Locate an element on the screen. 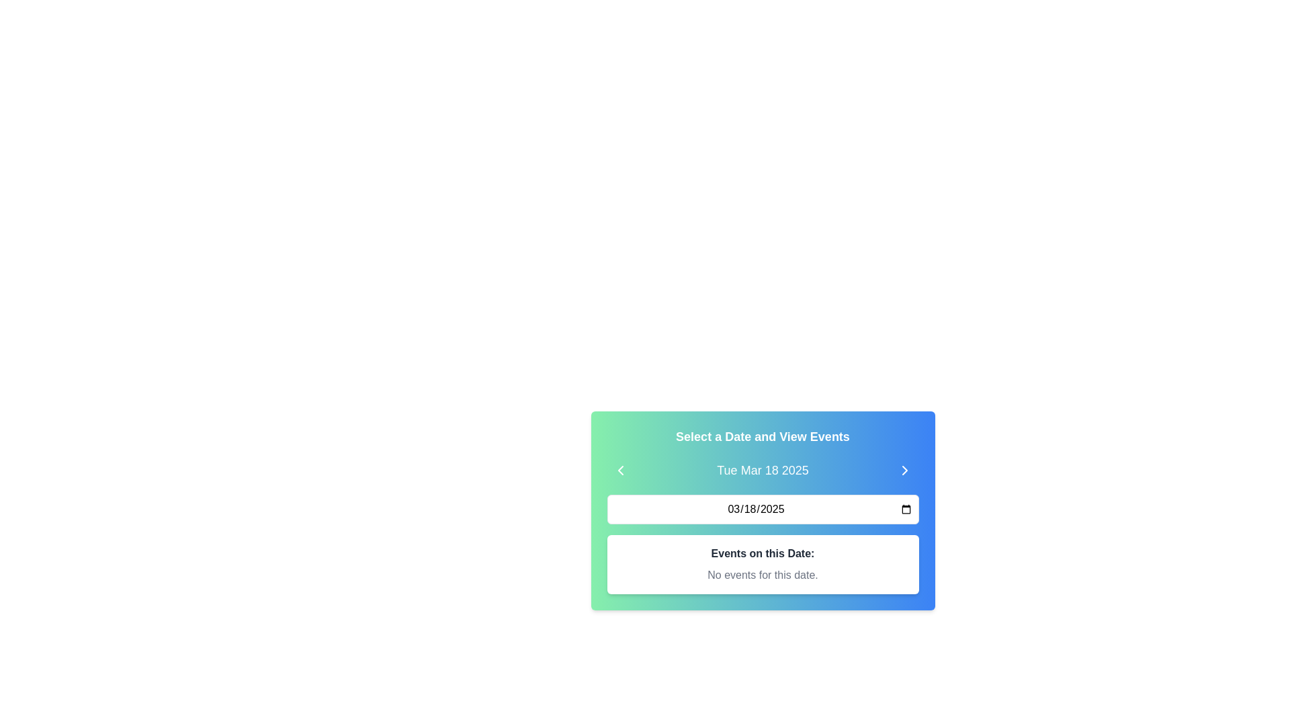  the backward navigation button with a chevron-left icon, located next to the date 'Tue Mar 18 2025' is located at coordinates (619, 469).